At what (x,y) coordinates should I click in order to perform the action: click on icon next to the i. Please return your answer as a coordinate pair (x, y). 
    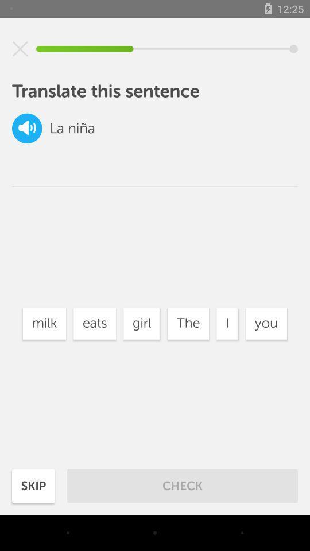
    Looking at the image, I should click on (266, 324).